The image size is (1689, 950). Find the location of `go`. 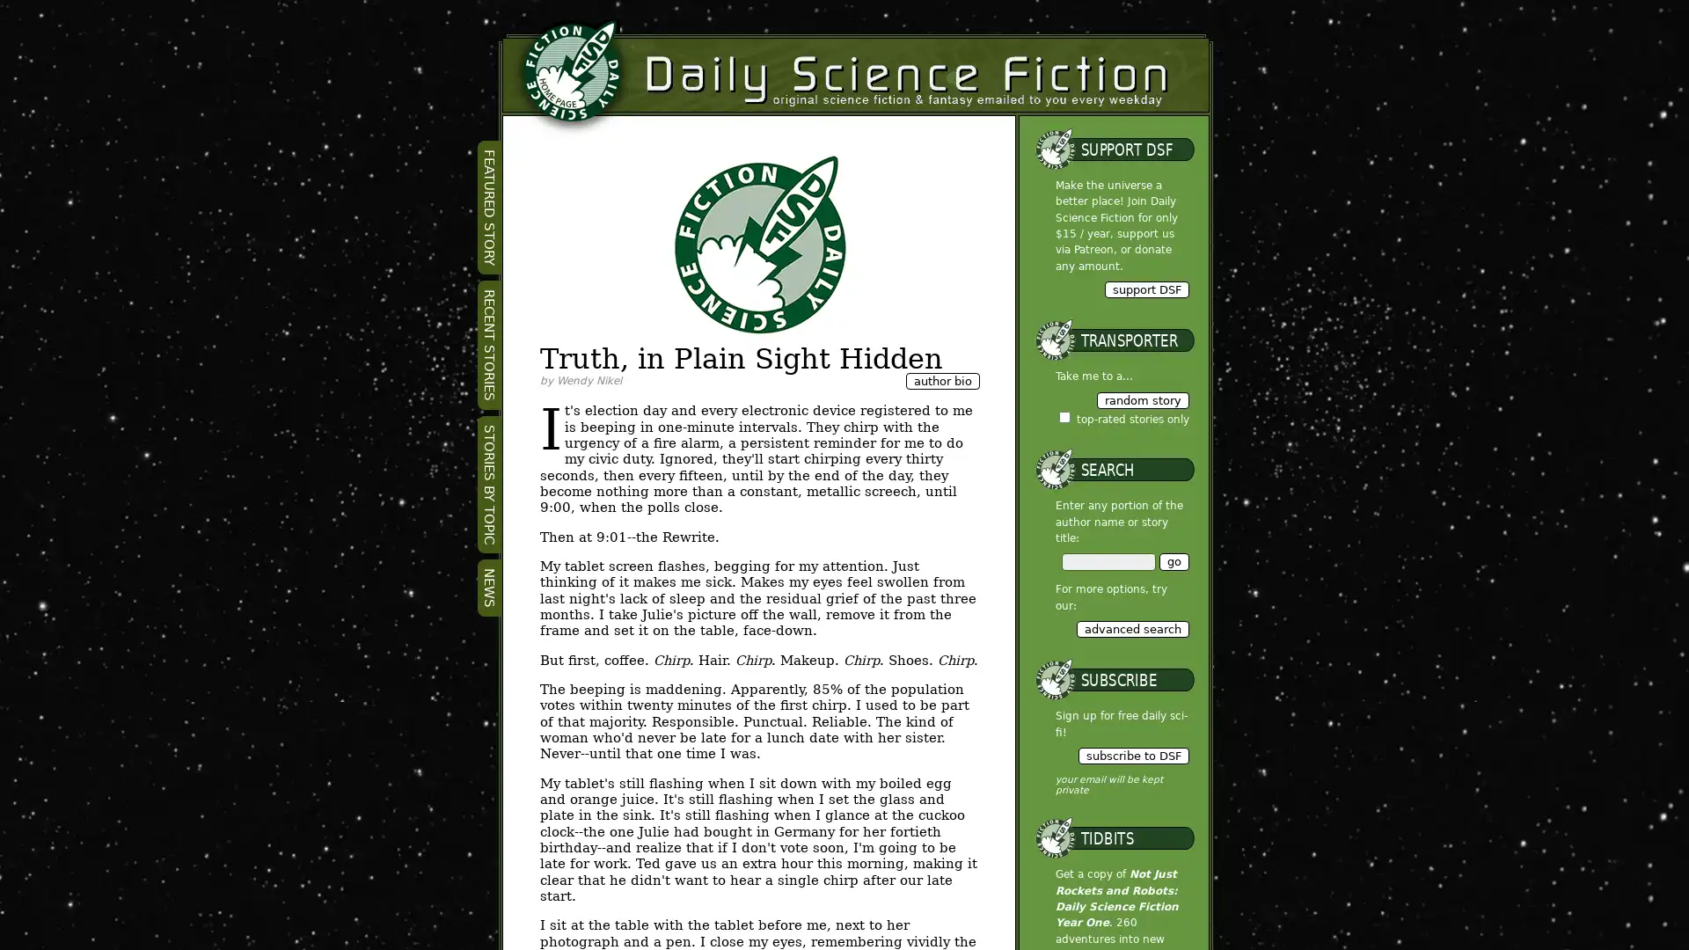

go is located at coordinates (1174, 561).